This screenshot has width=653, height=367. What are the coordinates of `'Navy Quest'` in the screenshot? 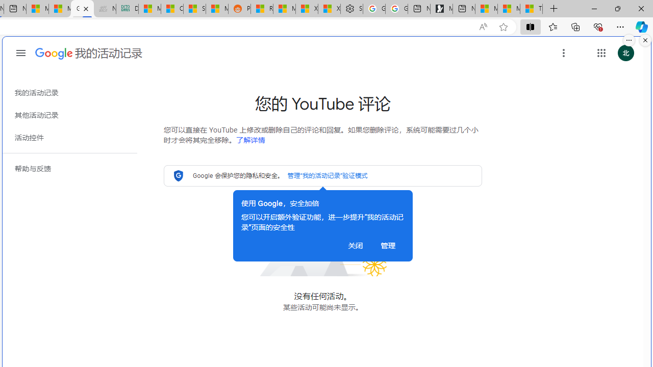 It's located at (105, 9).